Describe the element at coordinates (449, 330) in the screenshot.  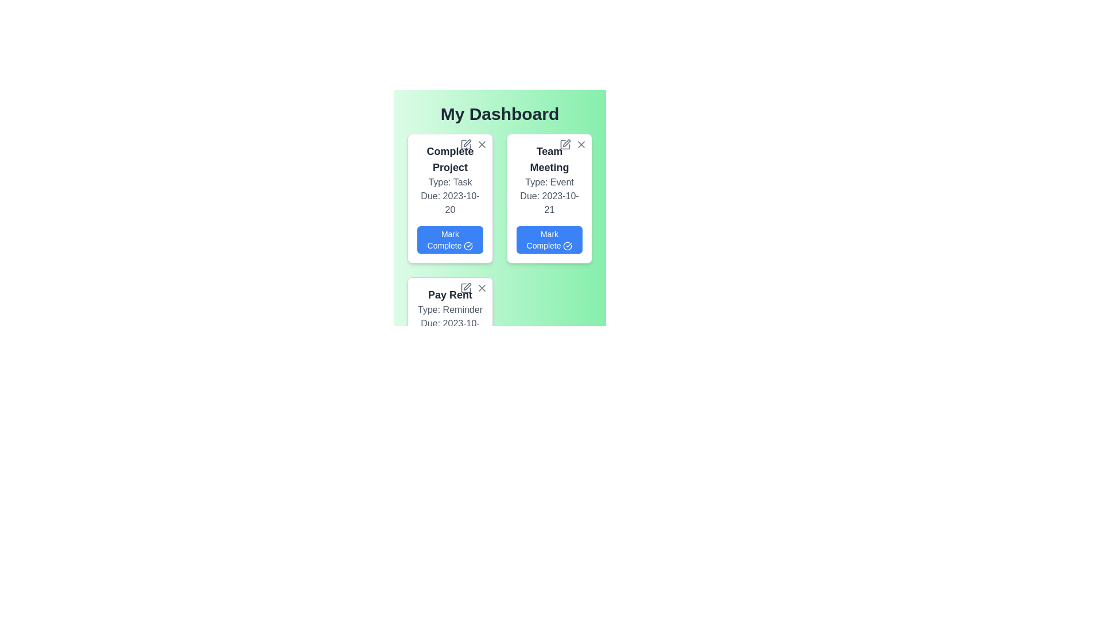
I see `the text label displaying 'Due: 2023-10-25' which is styled with gray color and located within the 'Pay Rent' card` at that location.